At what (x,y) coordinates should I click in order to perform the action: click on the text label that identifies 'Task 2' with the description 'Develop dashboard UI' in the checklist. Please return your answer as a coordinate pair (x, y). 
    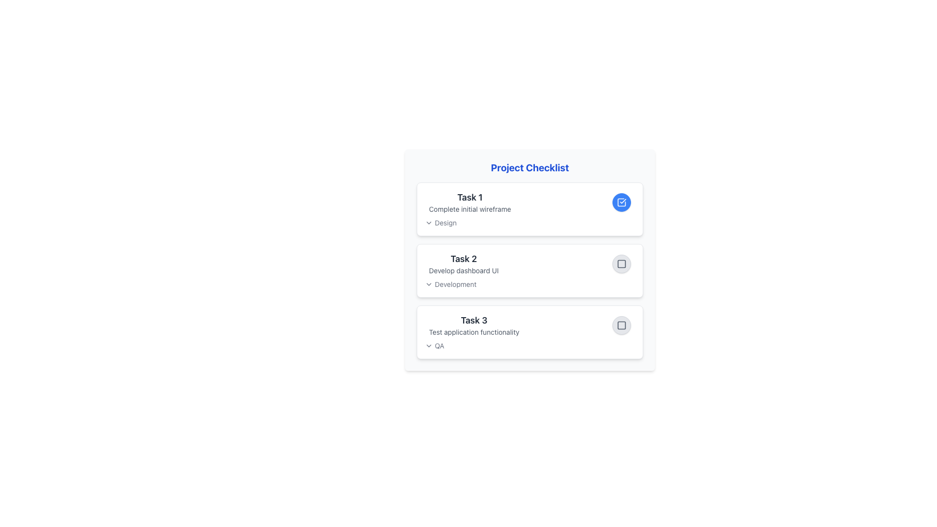
    Looking at the image, I should click on (463, 263).